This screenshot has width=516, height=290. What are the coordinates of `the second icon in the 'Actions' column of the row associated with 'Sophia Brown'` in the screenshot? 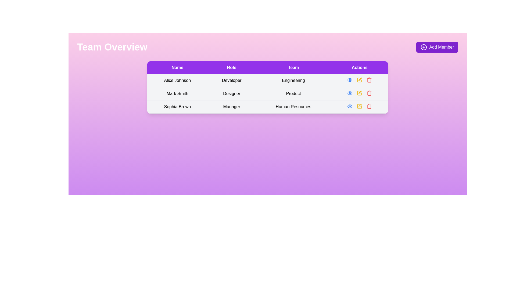 It's located at (360, 106).